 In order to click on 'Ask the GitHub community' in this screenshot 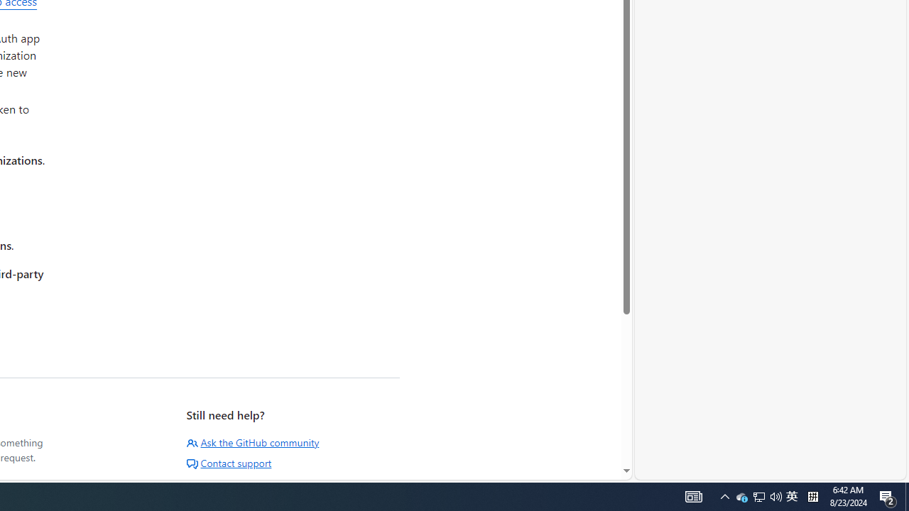, I will do `click(253, 441)`.